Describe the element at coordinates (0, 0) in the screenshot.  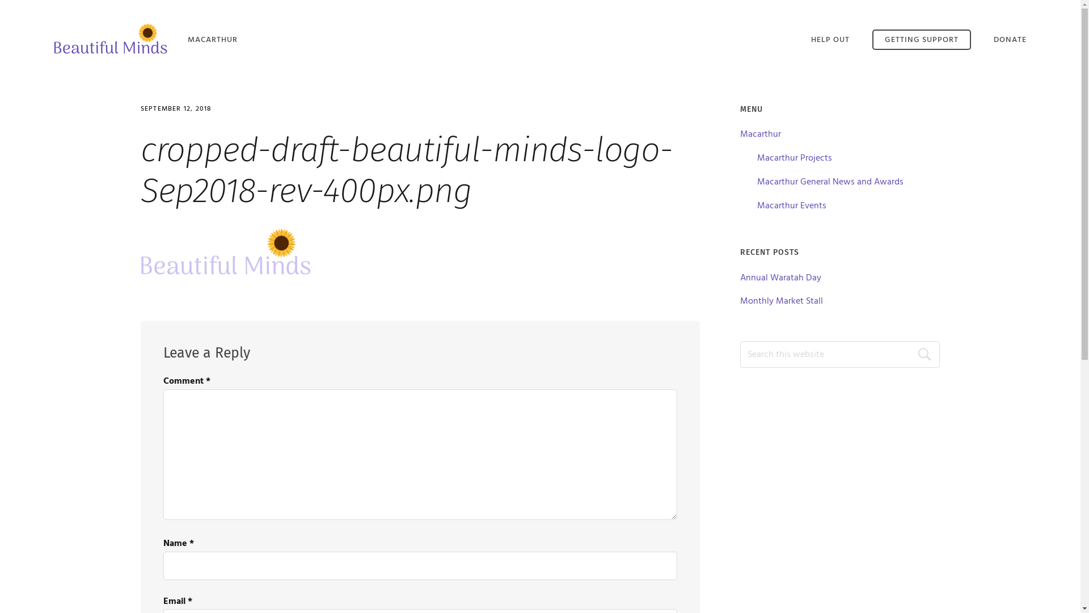
I see `'Skip to primary navigation'` at that location.